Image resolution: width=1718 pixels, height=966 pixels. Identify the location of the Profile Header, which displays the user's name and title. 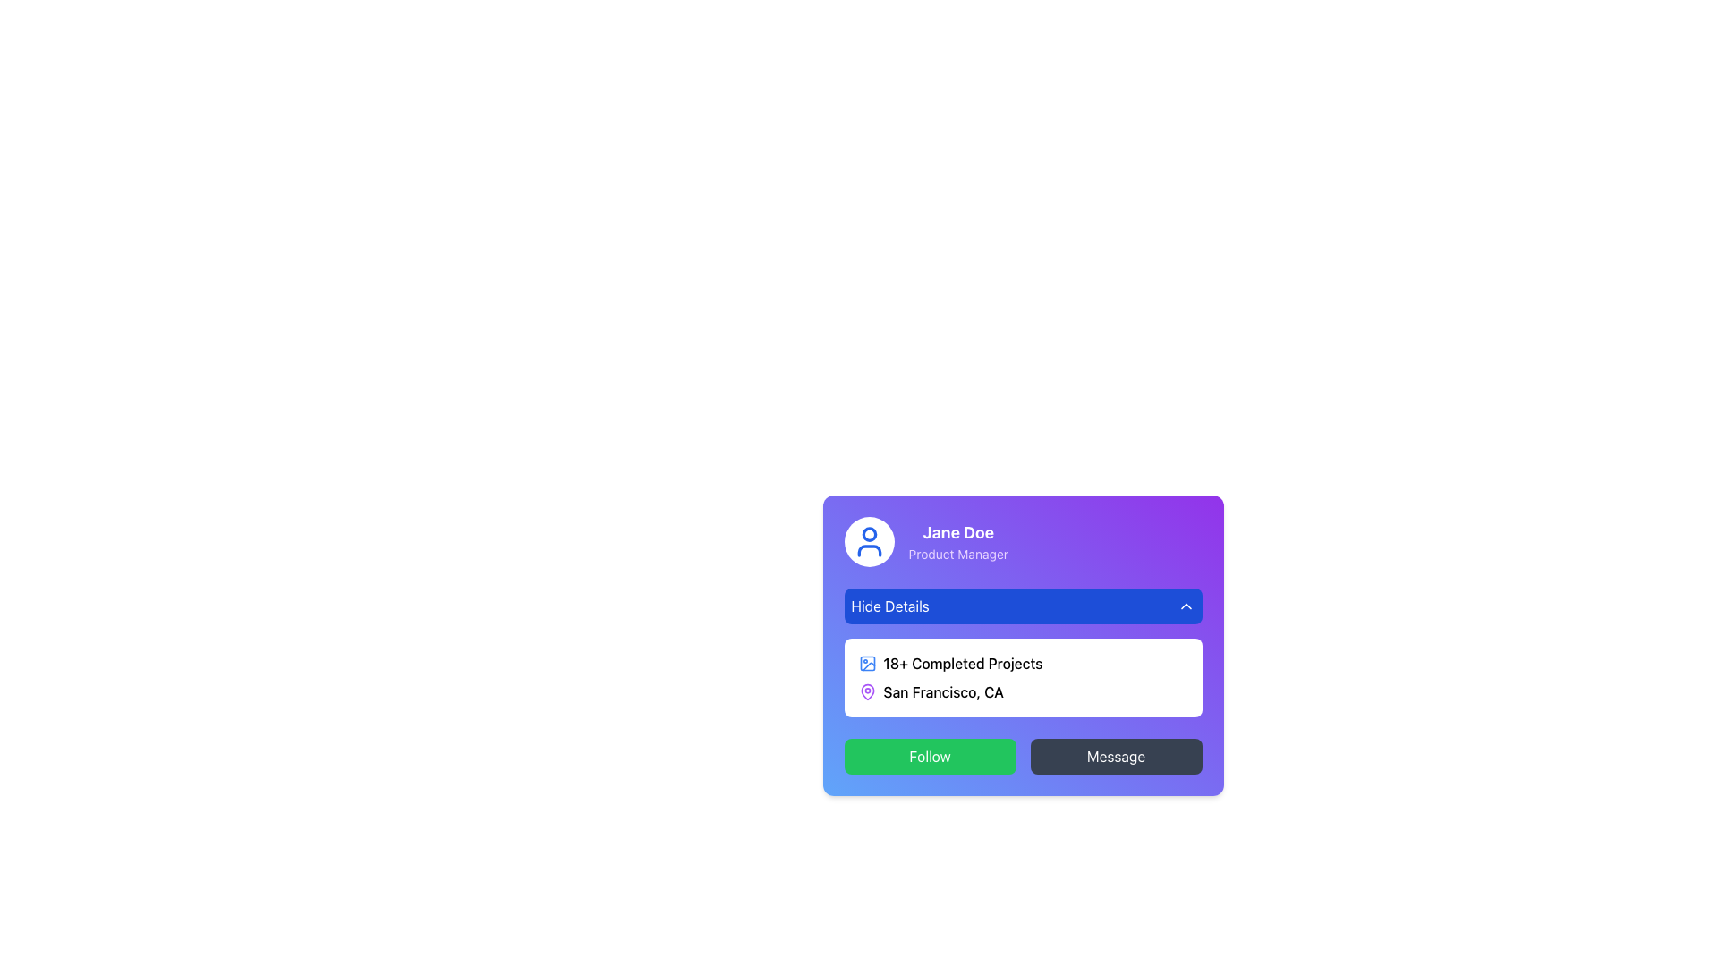
(1023, 540).